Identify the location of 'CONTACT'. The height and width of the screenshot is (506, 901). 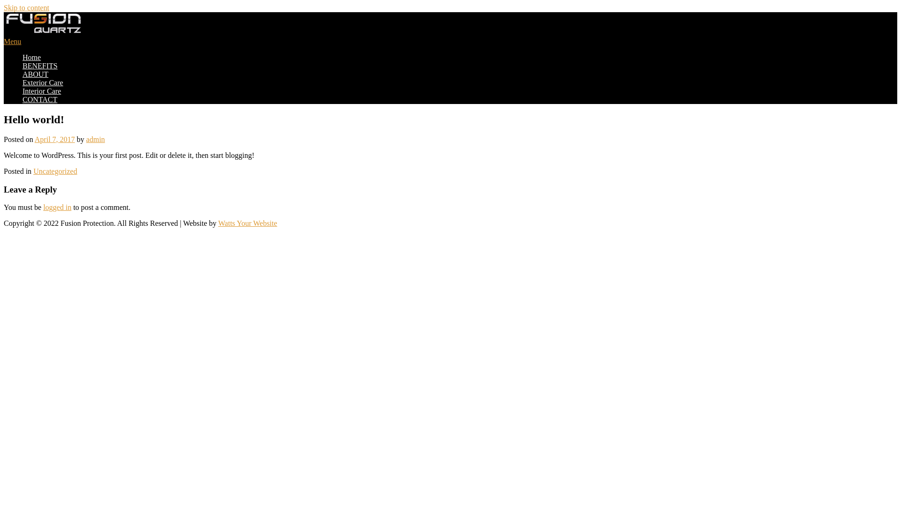
(23, 99).